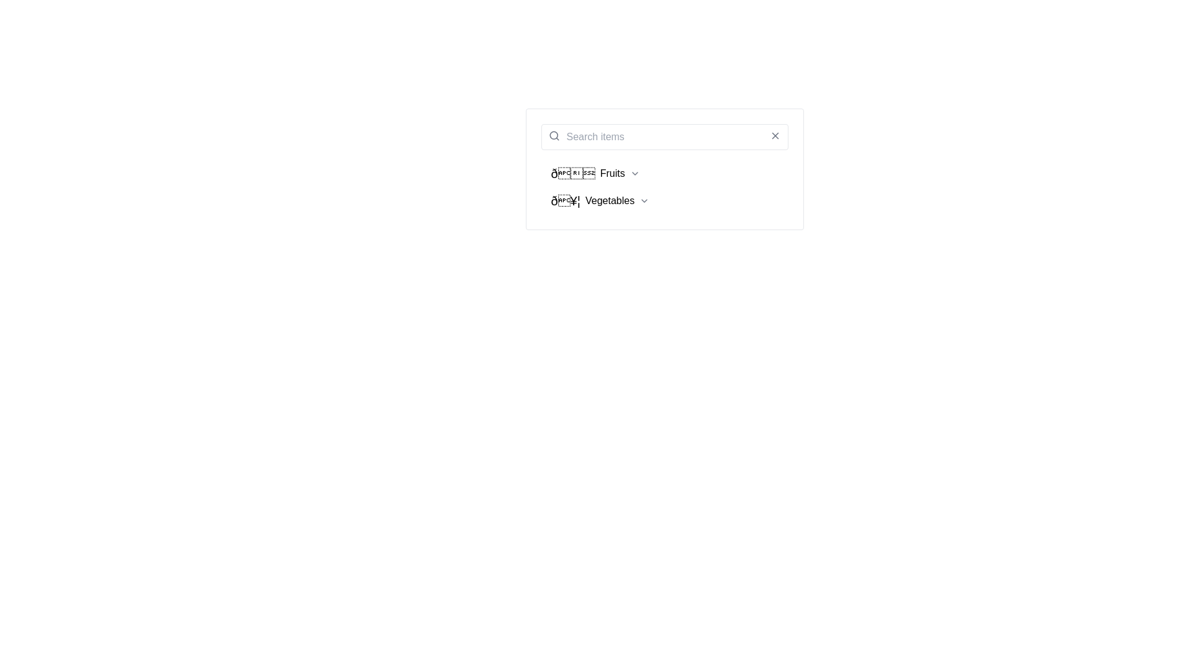 The height and width of the screenshot is (670, 1192). I want to click on the clear button located to the right of the search input field to clear the entered text, so click(774, 136).